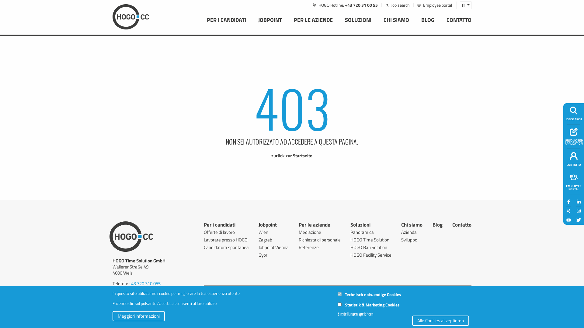 The width and height of the screenshot is (584, 328). I want to click on 'Unsolicited application', so click(573, 131).